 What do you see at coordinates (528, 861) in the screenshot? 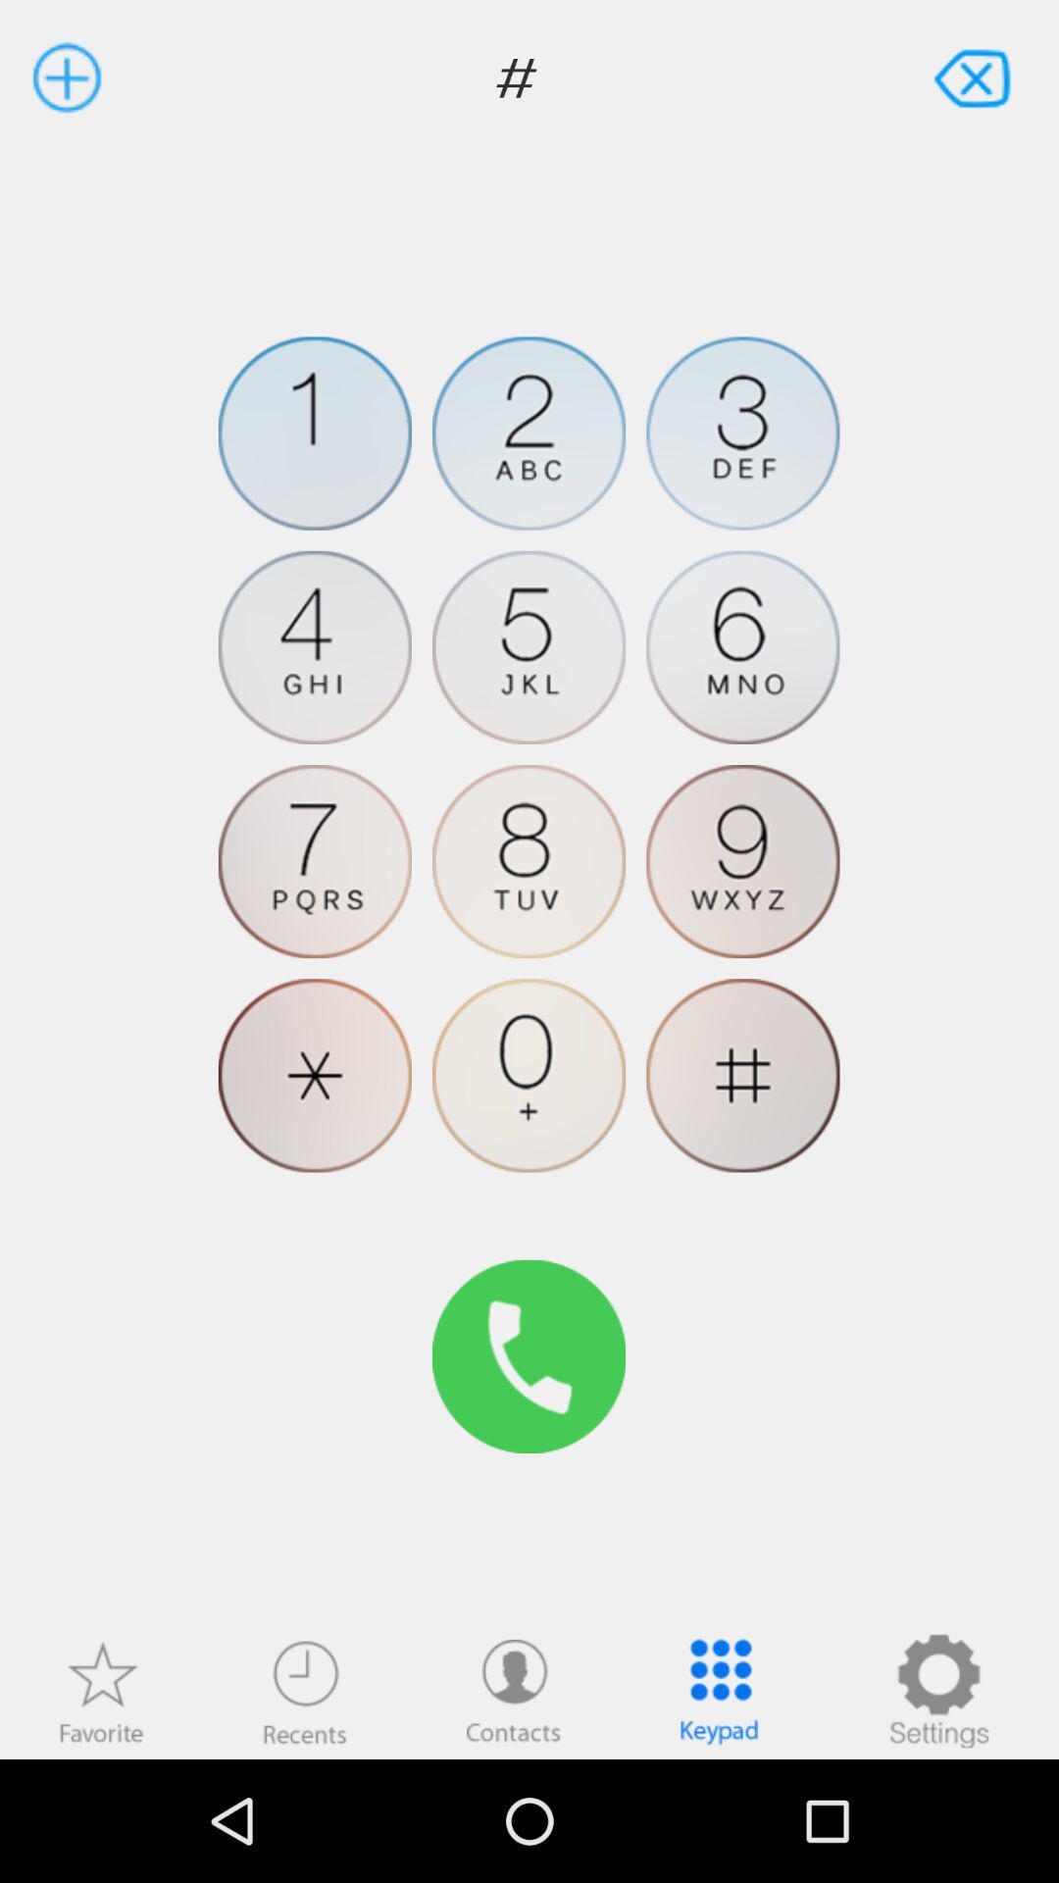
I see `dial 8` at bounding box center [528, 861].